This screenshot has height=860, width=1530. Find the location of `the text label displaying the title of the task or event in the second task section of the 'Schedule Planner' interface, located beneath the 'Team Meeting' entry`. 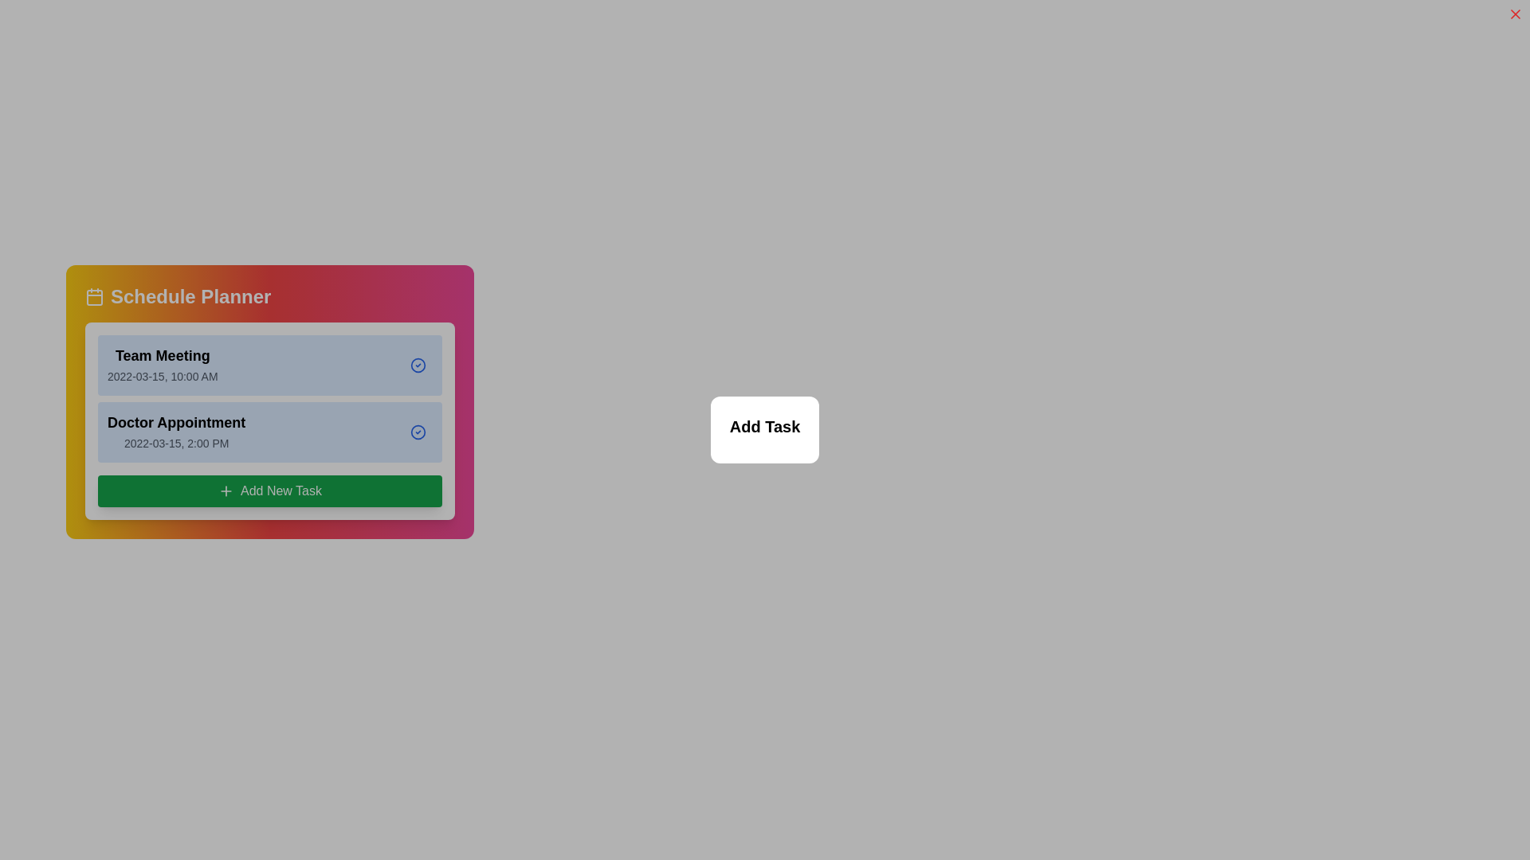

the text label displaying the title of the task or event in the second task section of the 'Schedule Planner' interface, located beneath the 'Team Meeting' entry is located at coordinates (176, 422).